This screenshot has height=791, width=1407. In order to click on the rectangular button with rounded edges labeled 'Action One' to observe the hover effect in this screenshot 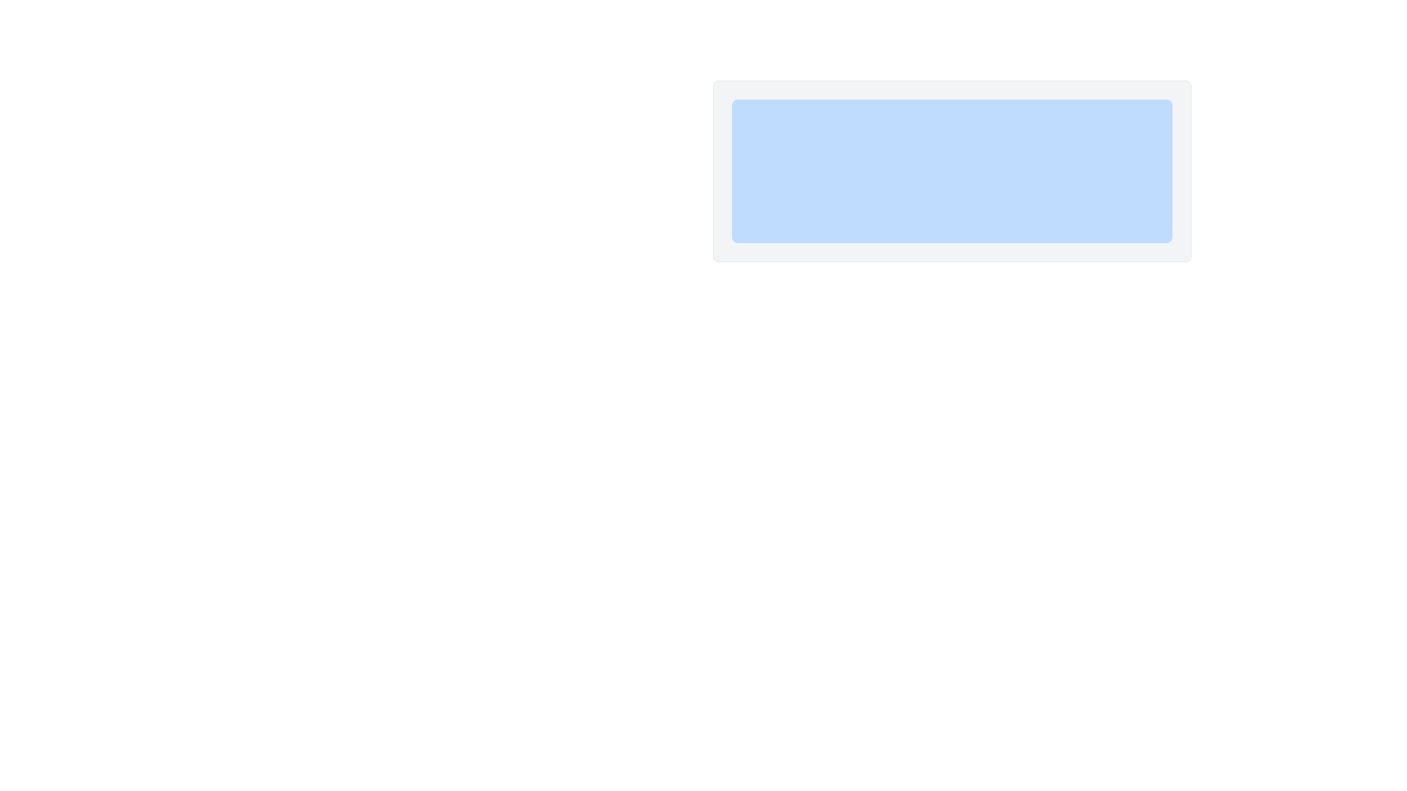, I will do `click(801, 168)`.